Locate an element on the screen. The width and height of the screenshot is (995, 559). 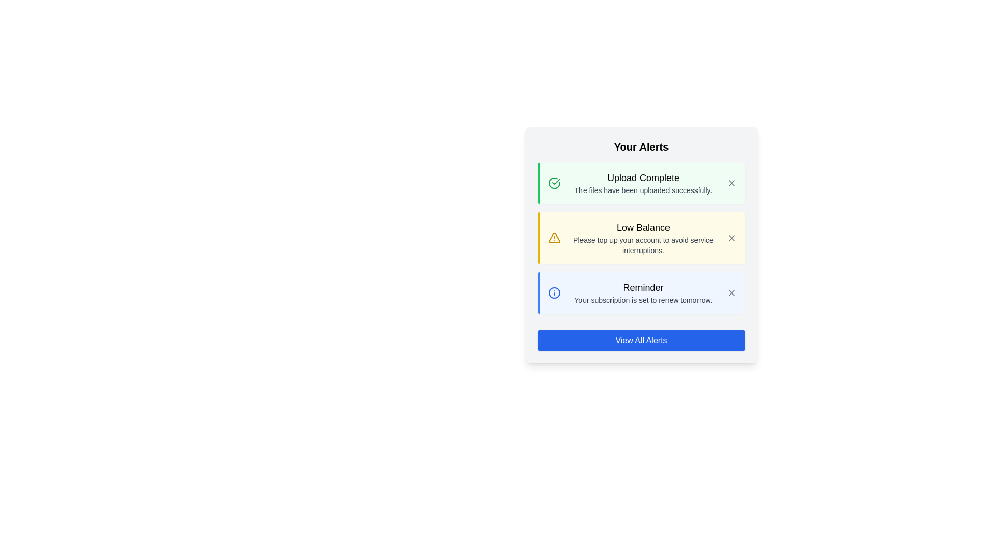
text from the title or header of the alert notification located at the top of the green notification card in the 'Your Alerts' section is located at coordinates (643, 177).